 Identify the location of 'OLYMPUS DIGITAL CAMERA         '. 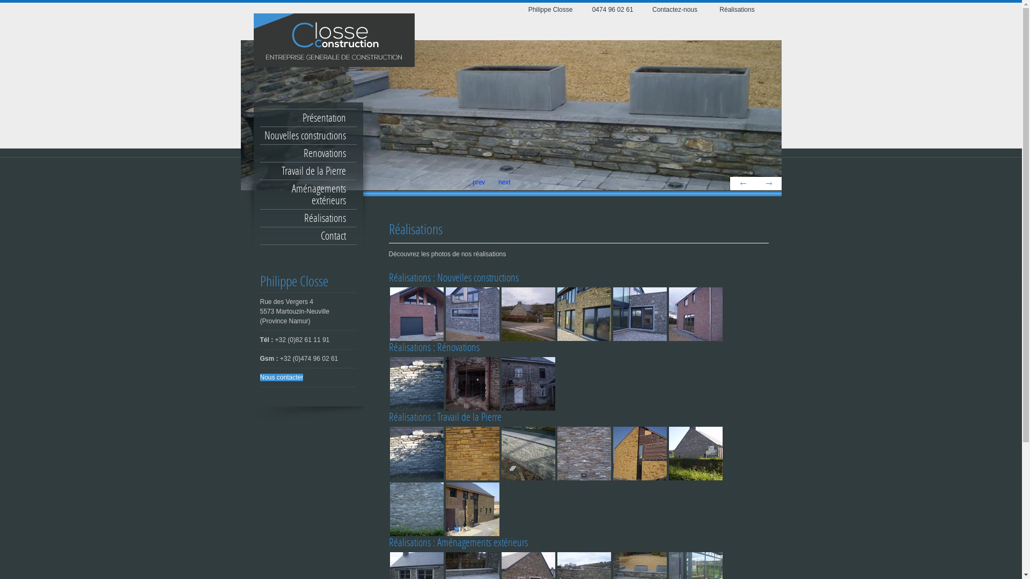
(527, 314).